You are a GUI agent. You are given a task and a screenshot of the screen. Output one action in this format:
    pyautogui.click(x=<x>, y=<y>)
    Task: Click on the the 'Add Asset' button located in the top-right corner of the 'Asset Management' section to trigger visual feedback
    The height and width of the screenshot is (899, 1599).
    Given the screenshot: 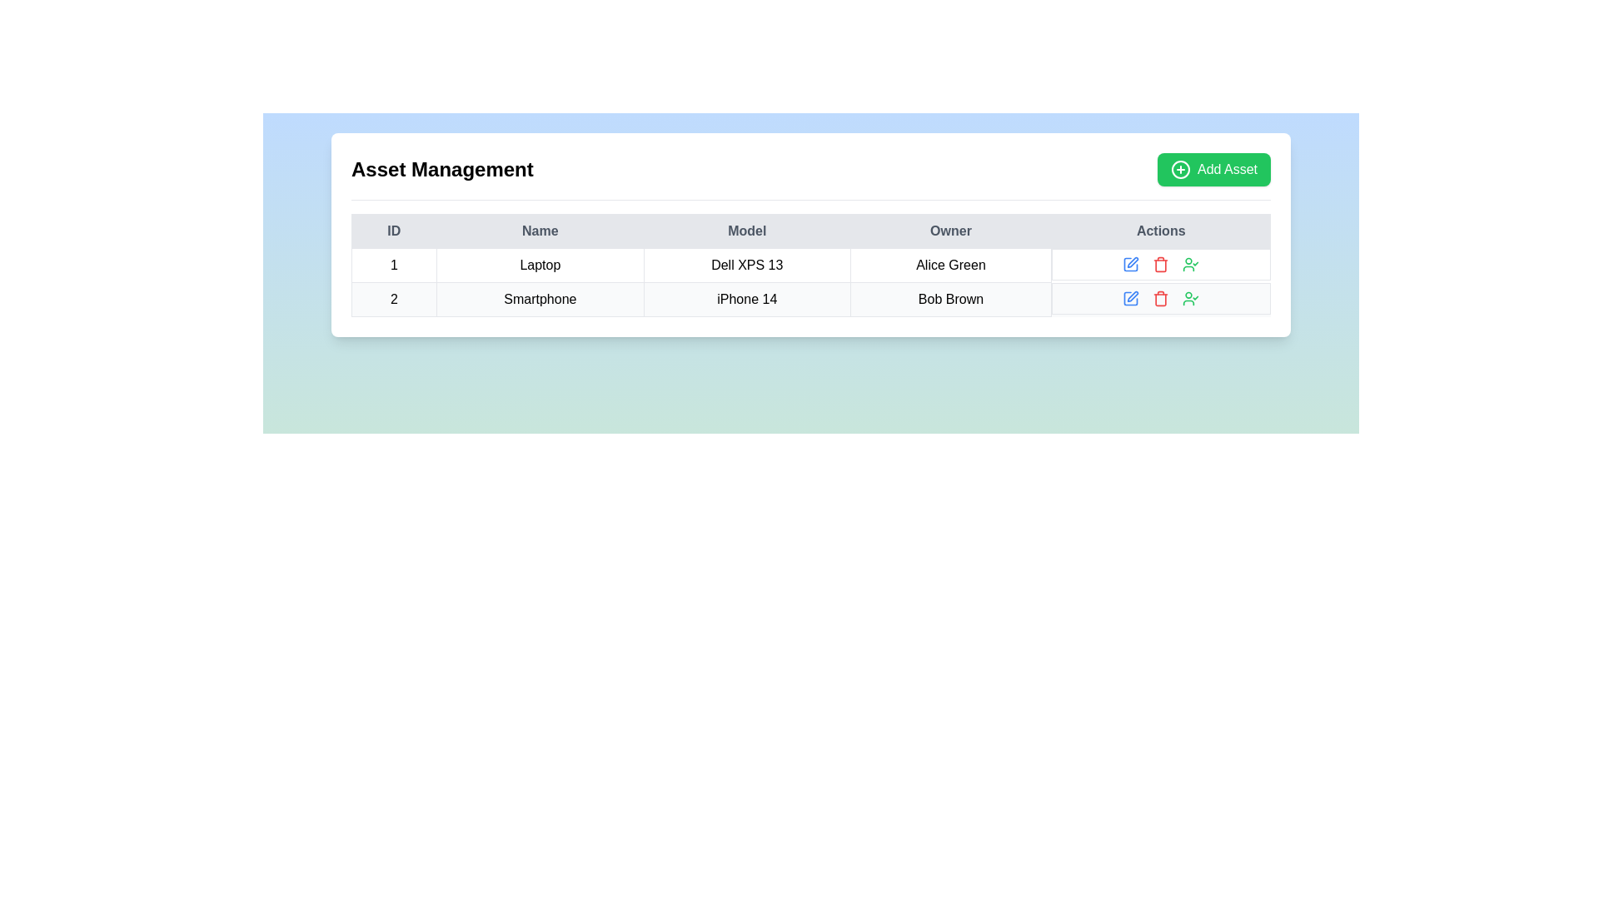 What is the action you would take?
    pyautogui.click(x=1214, y=170)
    